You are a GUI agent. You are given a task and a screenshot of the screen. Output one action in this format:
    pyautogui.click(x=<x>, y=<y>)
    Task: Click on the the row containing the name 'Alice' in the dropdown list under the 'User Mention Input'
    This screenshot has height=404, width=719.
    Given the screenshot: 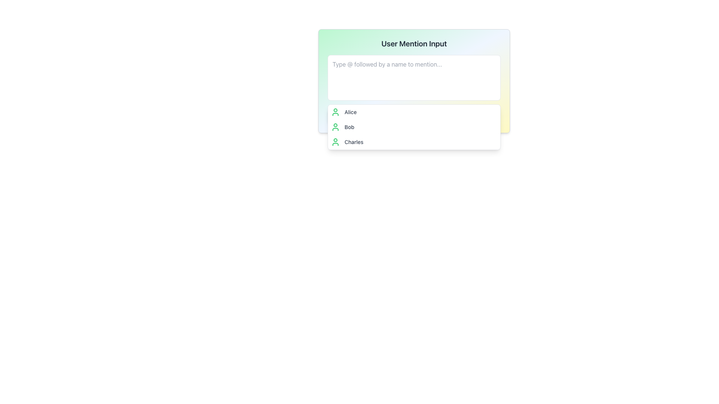 What is the action you would take?
    pyautogui.click(x=413, y=116)
    